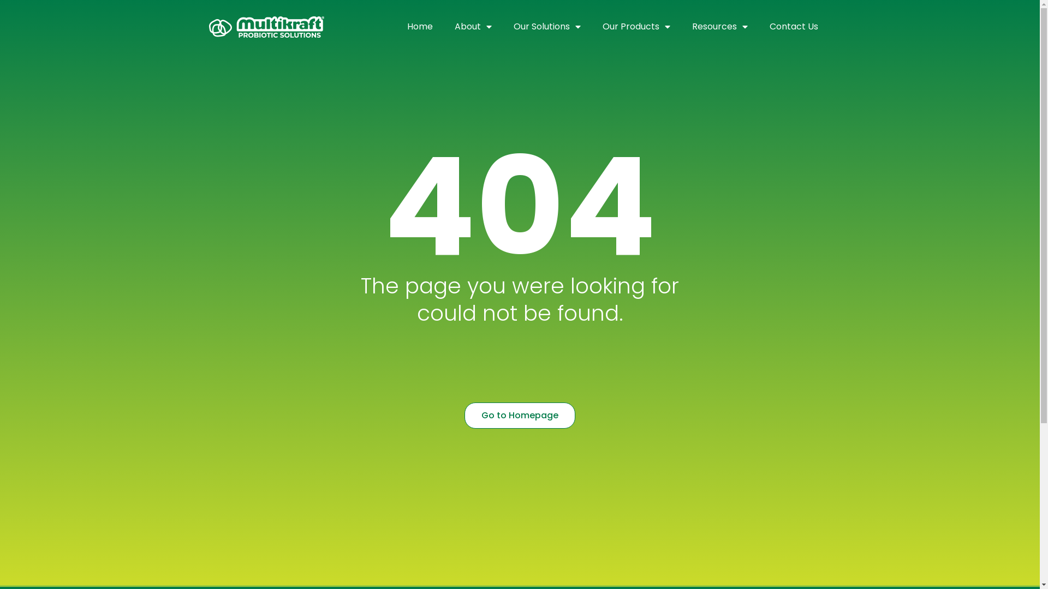 The height and width of the screenshot is (589, 1048). What do you see at coordinates (720, 26) in the screenshot?
I see `'Resources'` at bounding box center [720, 26].